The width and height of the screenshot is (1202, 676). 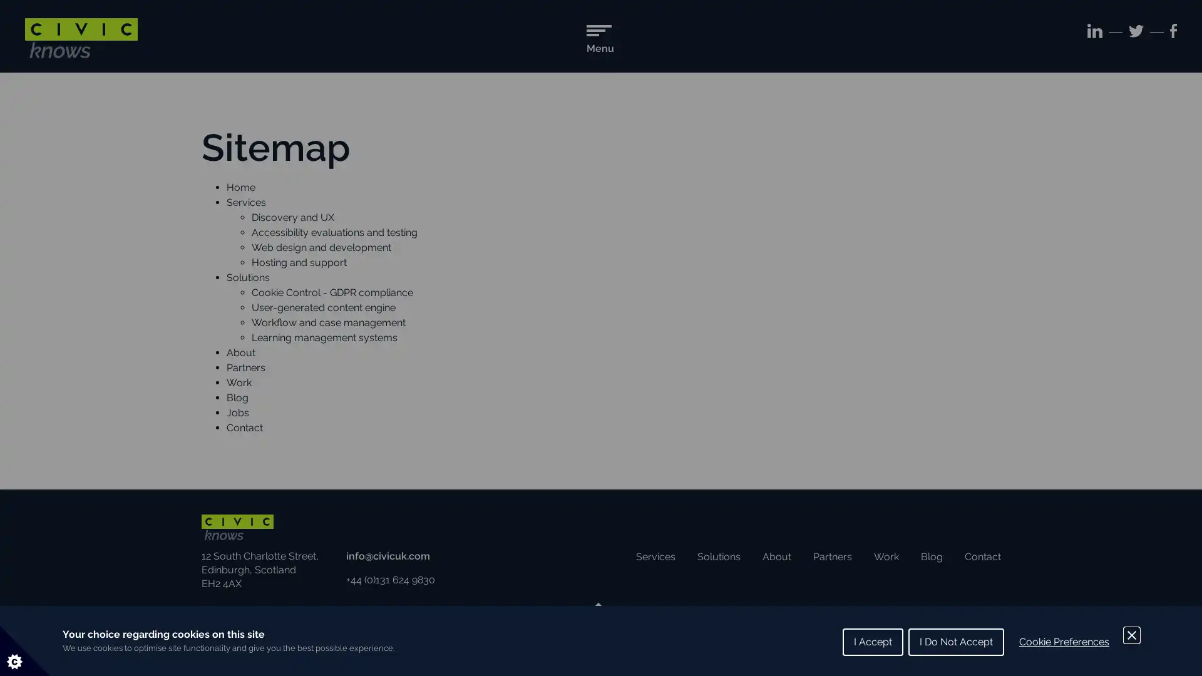 I want to click on Close, so click(x=1132, y=635).